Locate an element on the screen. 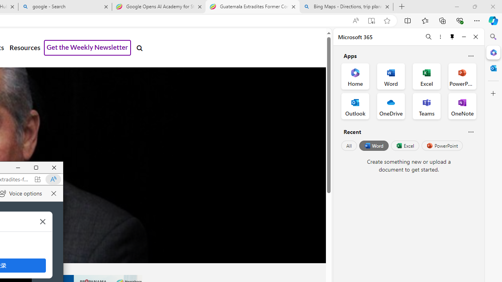 This screenshot has height=282, width=502. 'Get the Weekly Newsletter' is located at coordinates (87, 48).